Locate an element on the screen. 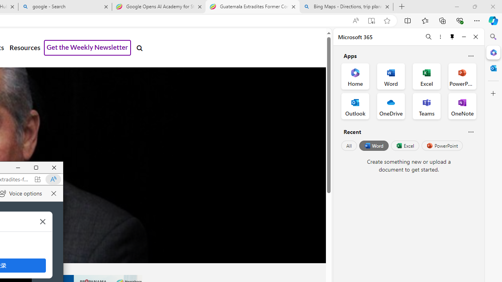 This screenshot has height=282, width=502. 'Get the Weekly Newsletter' is located at coordinates (87, 48).